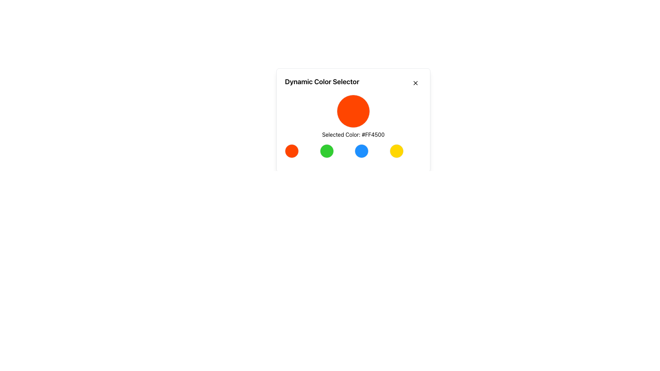  What do you see at coordinates (353, 150) in the screenshot?
I see `the grid of interactive color buttons located centrally within the modal dialog, just below the selected color text and color circle` at bounding box center [353, 150].